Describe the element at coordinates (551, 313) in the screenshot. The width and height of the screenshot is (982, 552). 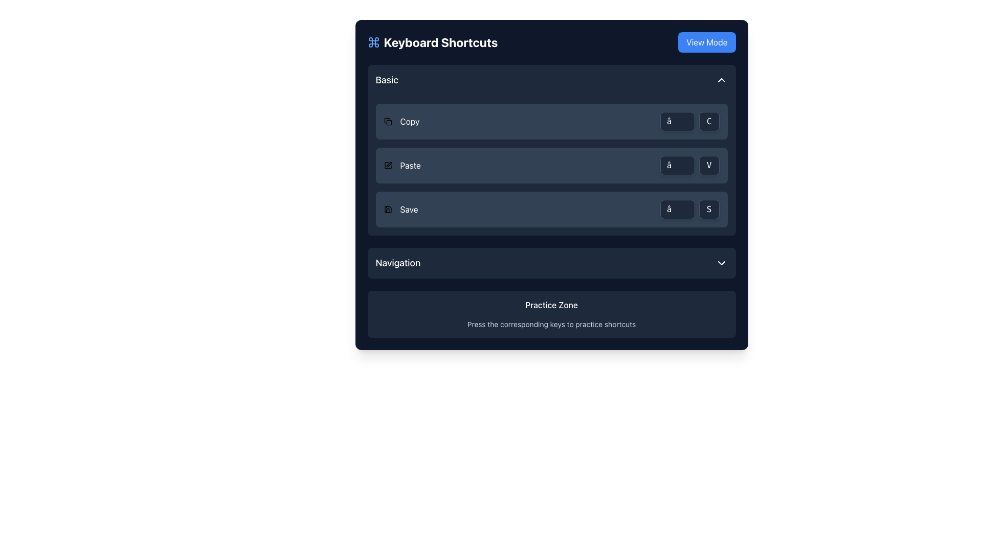
I see `information displayed in the Informational Panel titled 'Practice Zone', which provides instructions to 'Press the corresponding keys to practice shortcuts'` at that location.